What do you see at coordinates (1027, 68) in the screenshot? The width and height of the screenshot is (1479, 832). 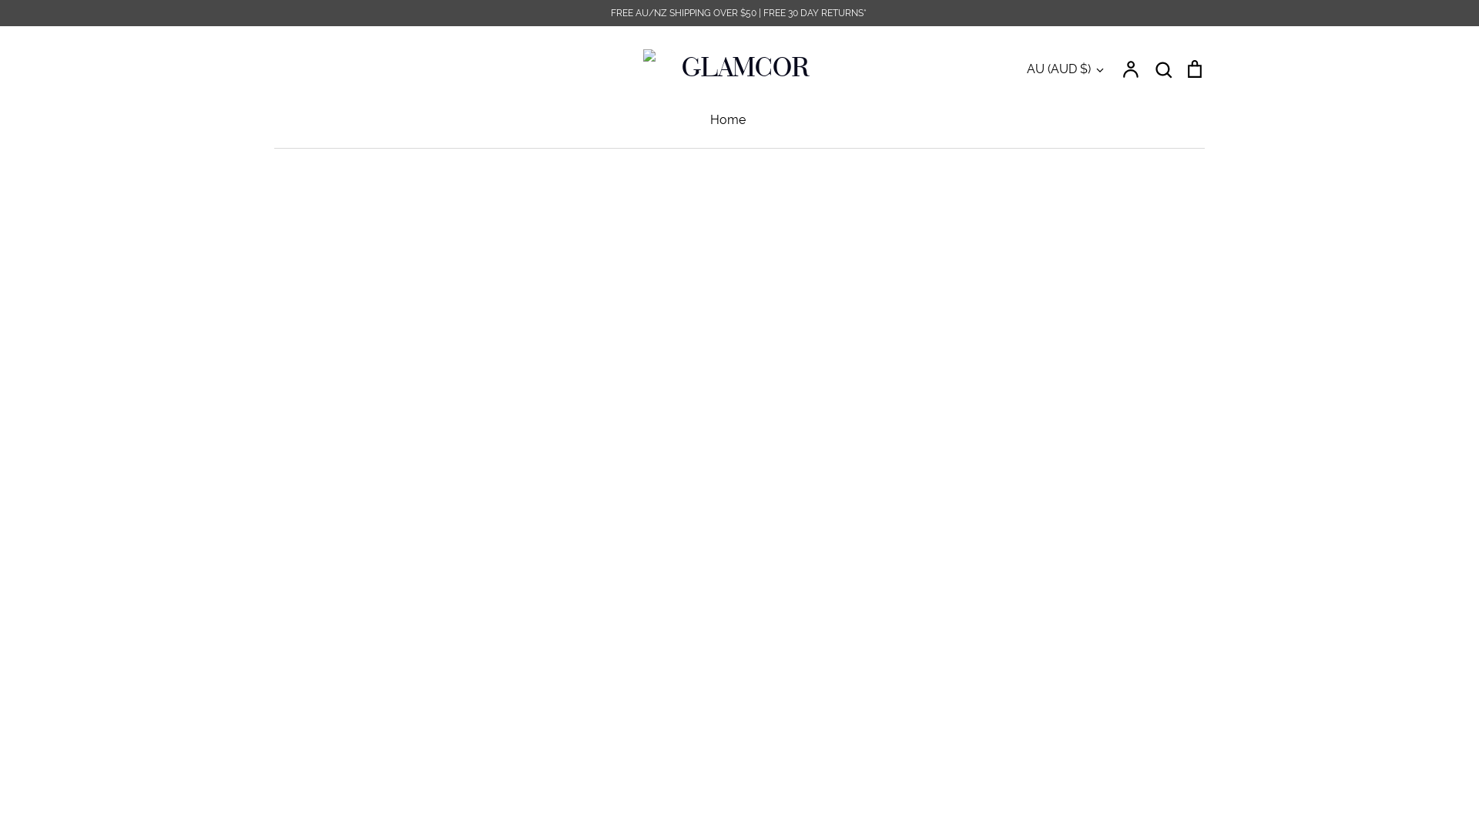 I see `'AU (AUD $)'` at bounding box center [1027, 68].